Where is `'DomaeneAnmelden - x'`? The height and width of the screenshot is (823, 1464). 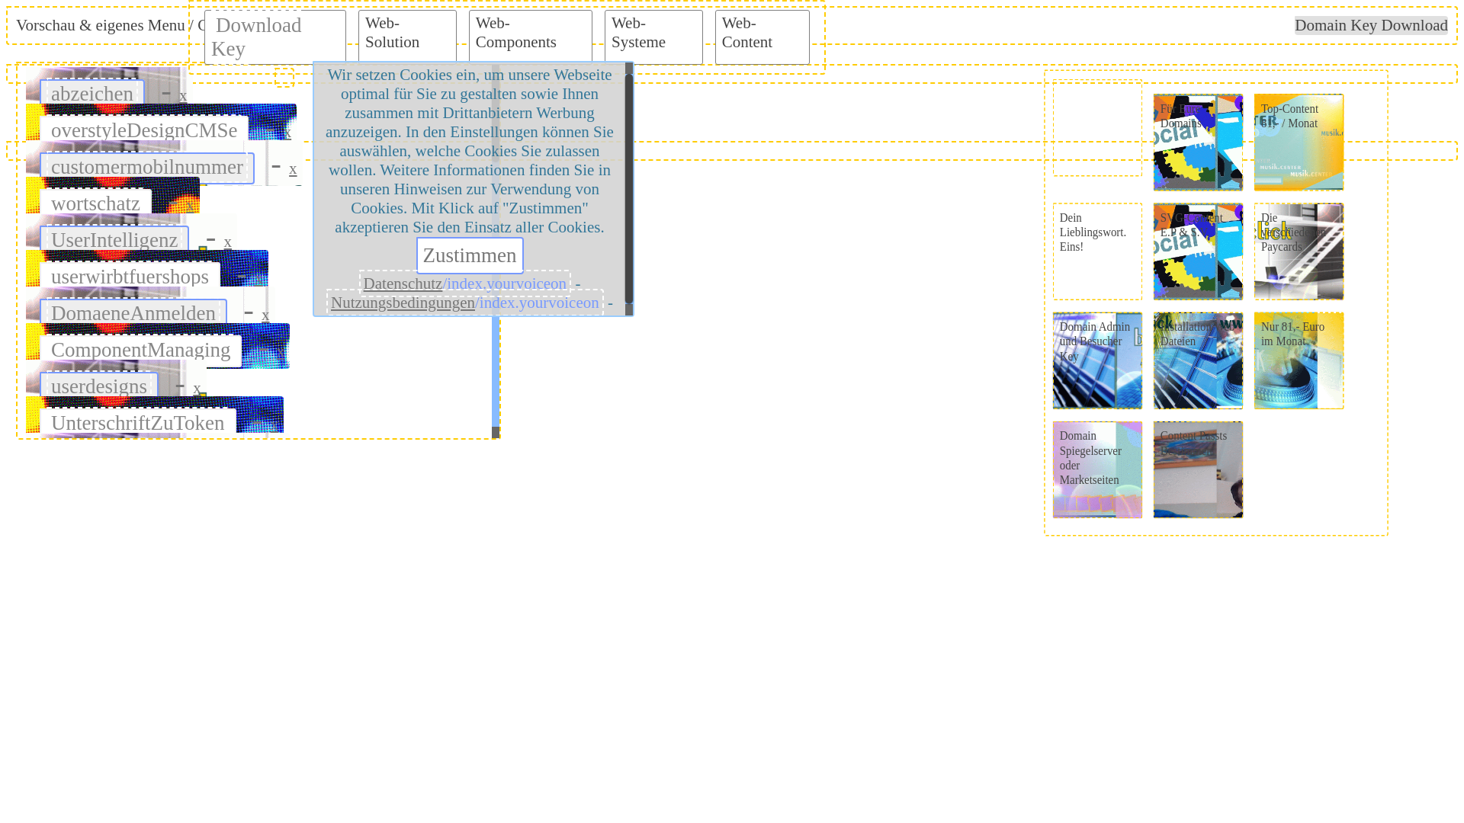 'DomaeneAnmelden - x' is located at coordinates (150, 309).